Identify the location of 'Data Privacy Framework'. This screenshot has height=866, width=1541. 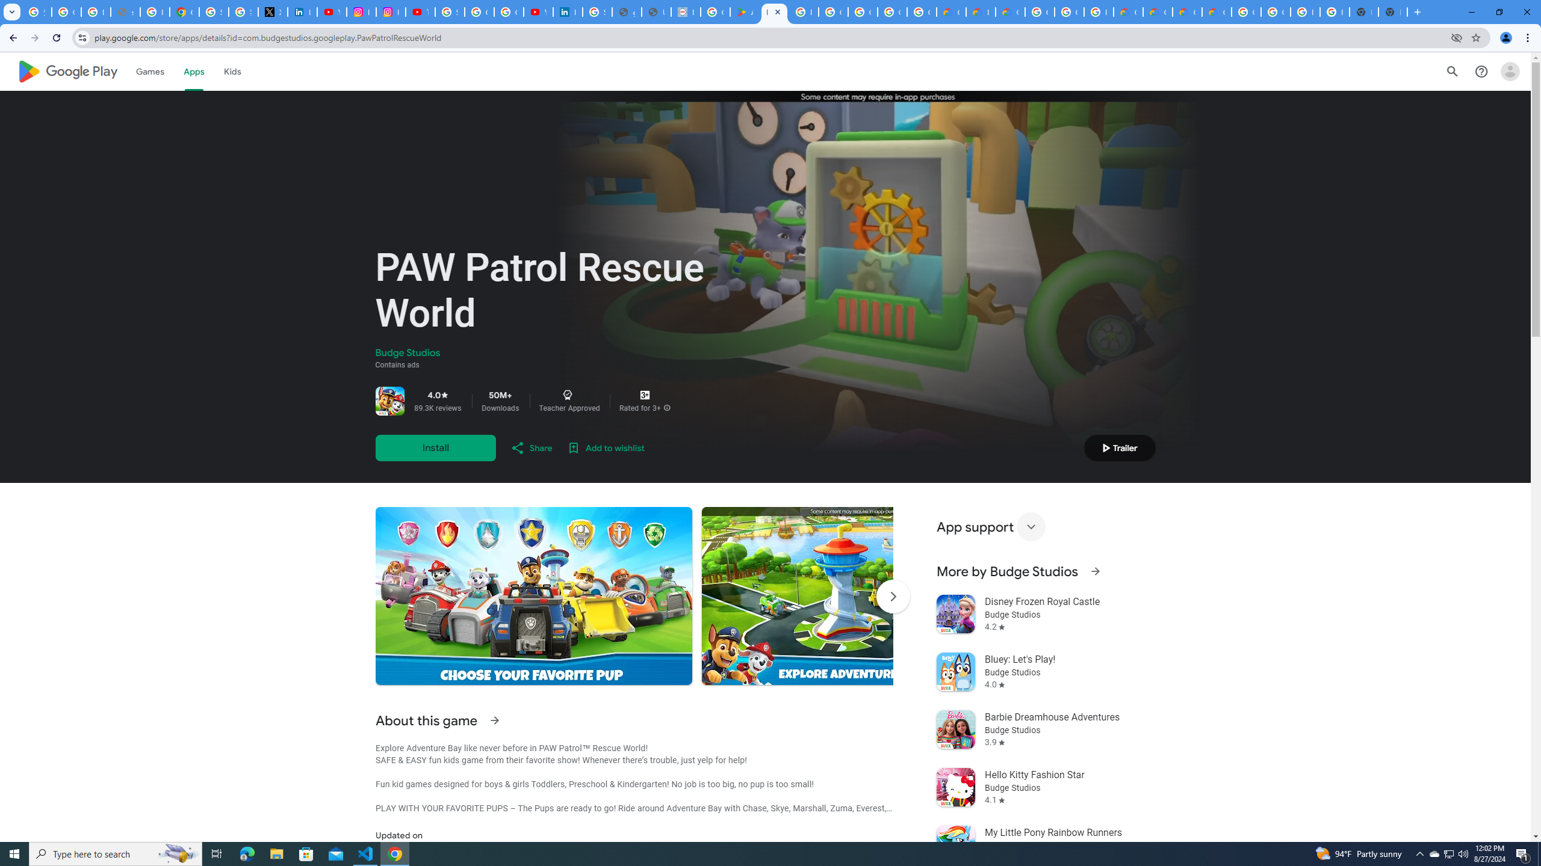
(685, 11).